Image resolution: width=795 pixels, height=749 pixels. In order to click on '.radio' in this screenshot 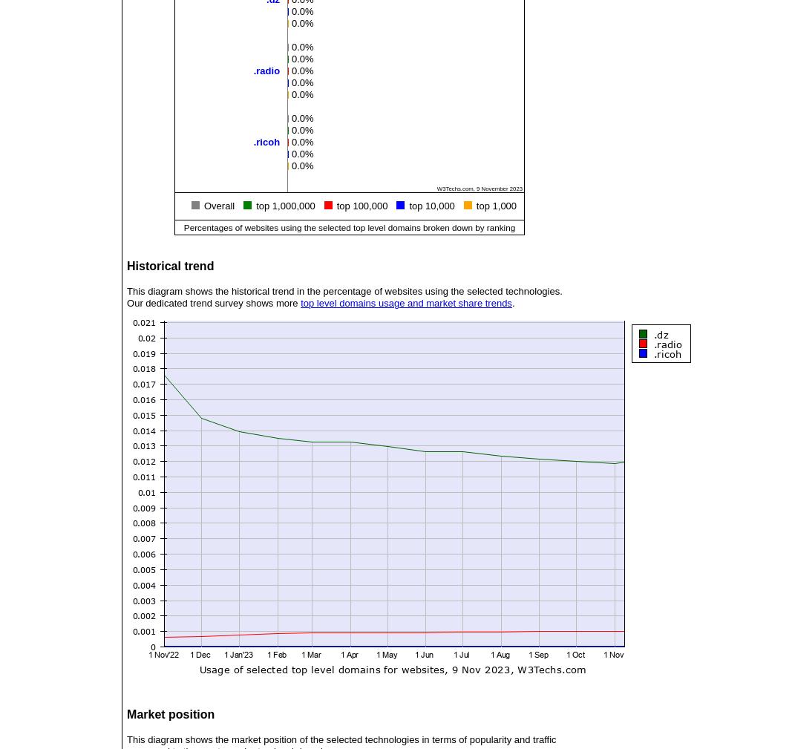, I will do `click(265, 70)`.